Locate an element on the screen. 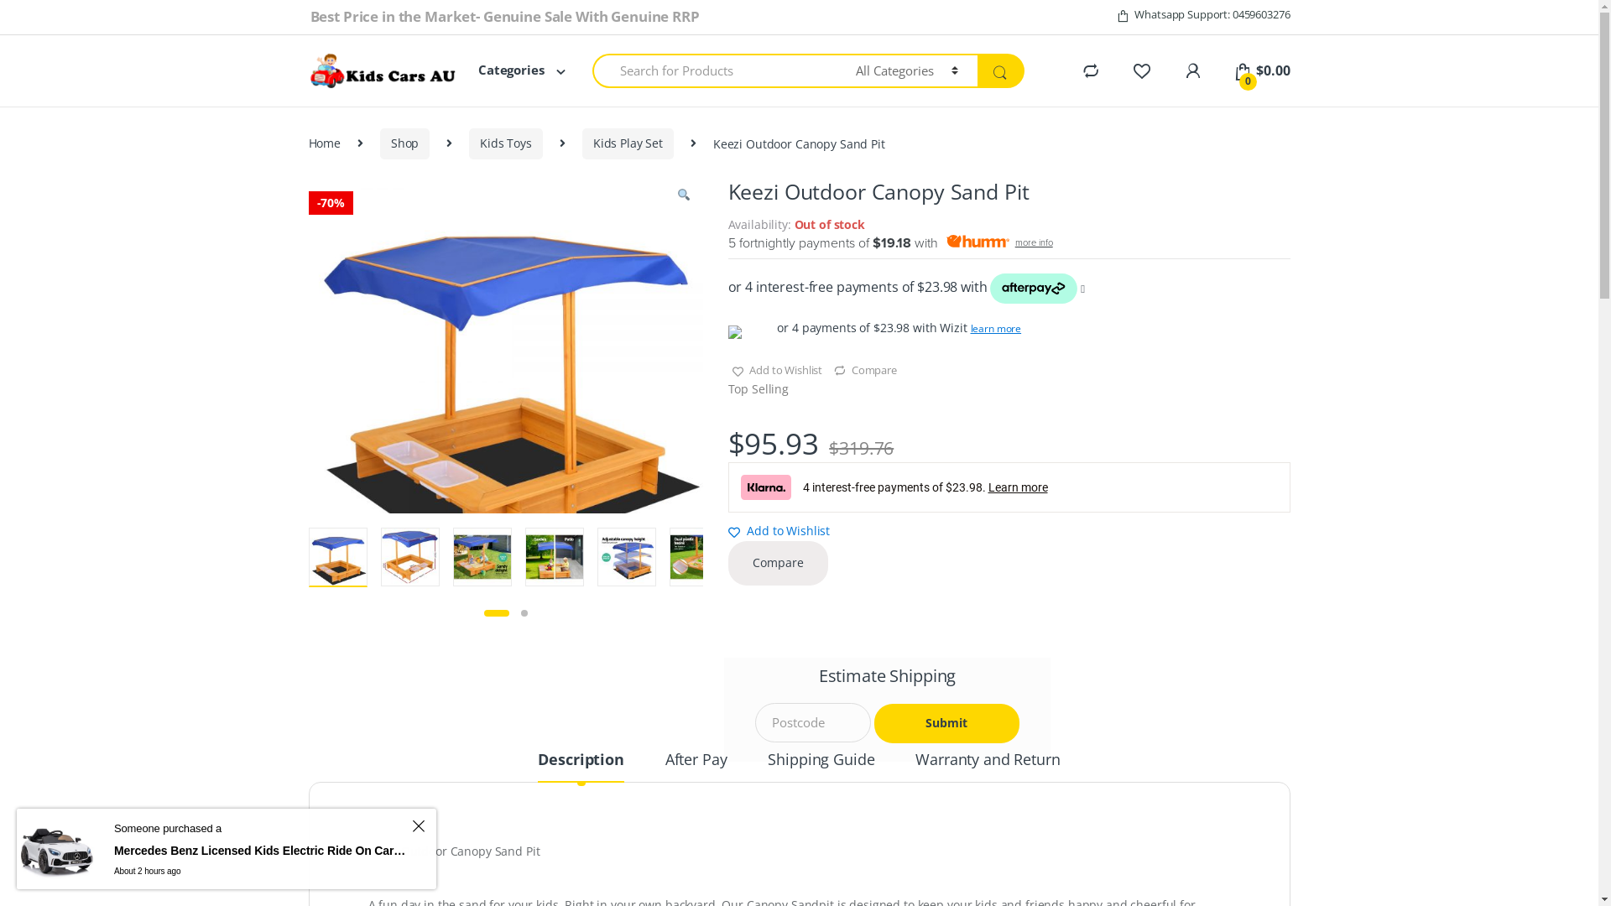 Image resolution: width=1611 pixels, height=906 pixels. 'Shipping Guide' is located at coordinates (821, 767).